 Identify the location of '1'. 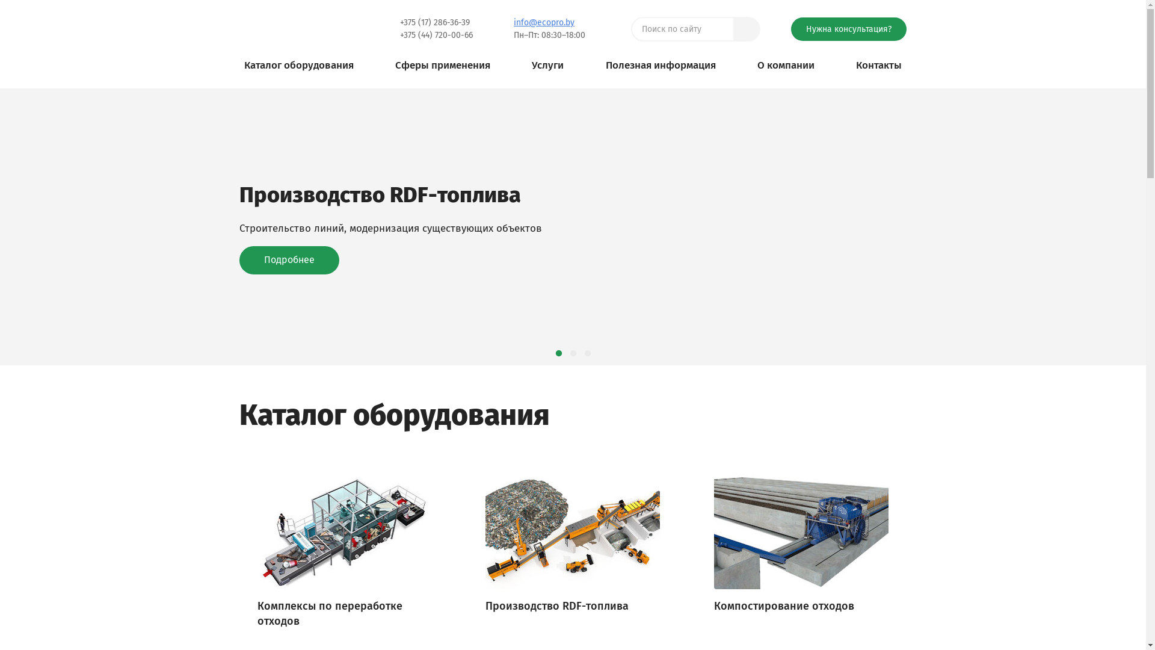
(557, 353).